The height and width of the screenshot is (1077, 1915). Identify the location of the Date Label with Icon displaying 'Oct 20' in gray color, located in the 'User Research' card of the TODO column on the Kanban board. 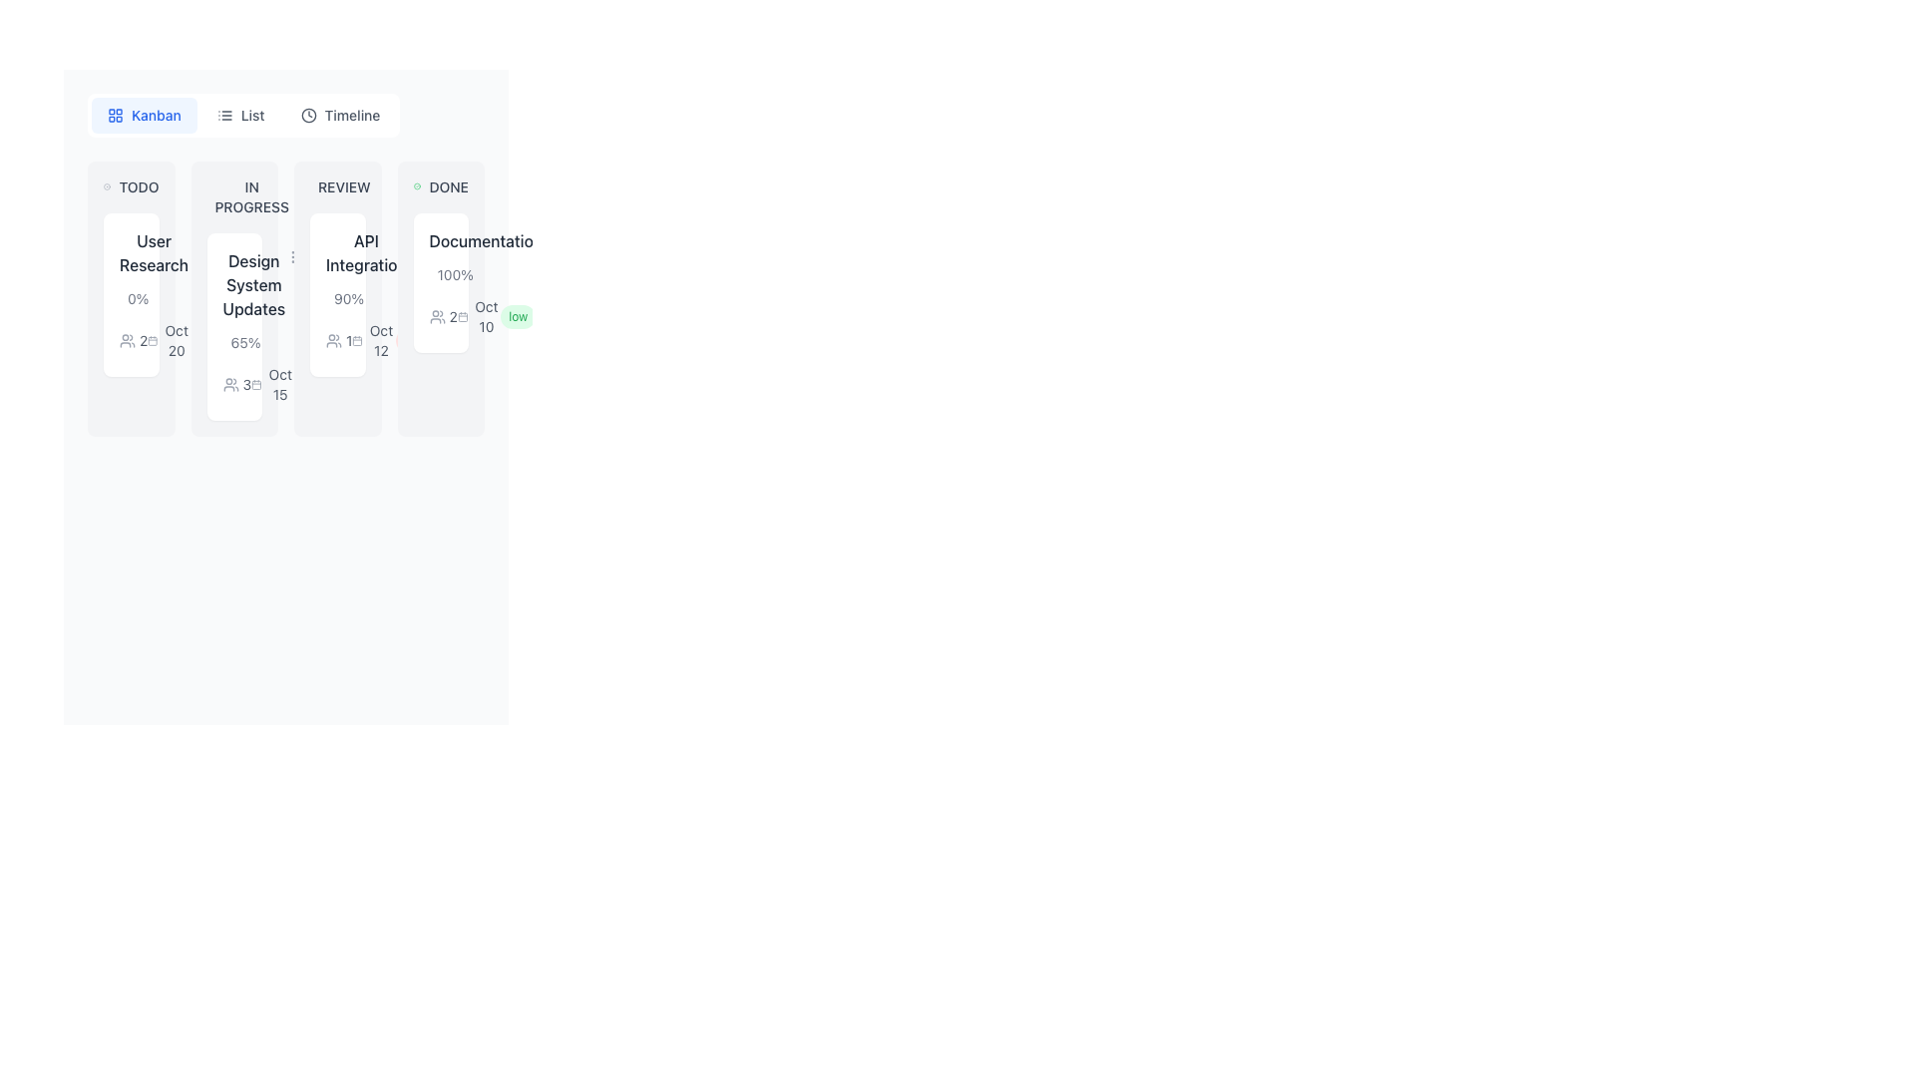
(170, 340).